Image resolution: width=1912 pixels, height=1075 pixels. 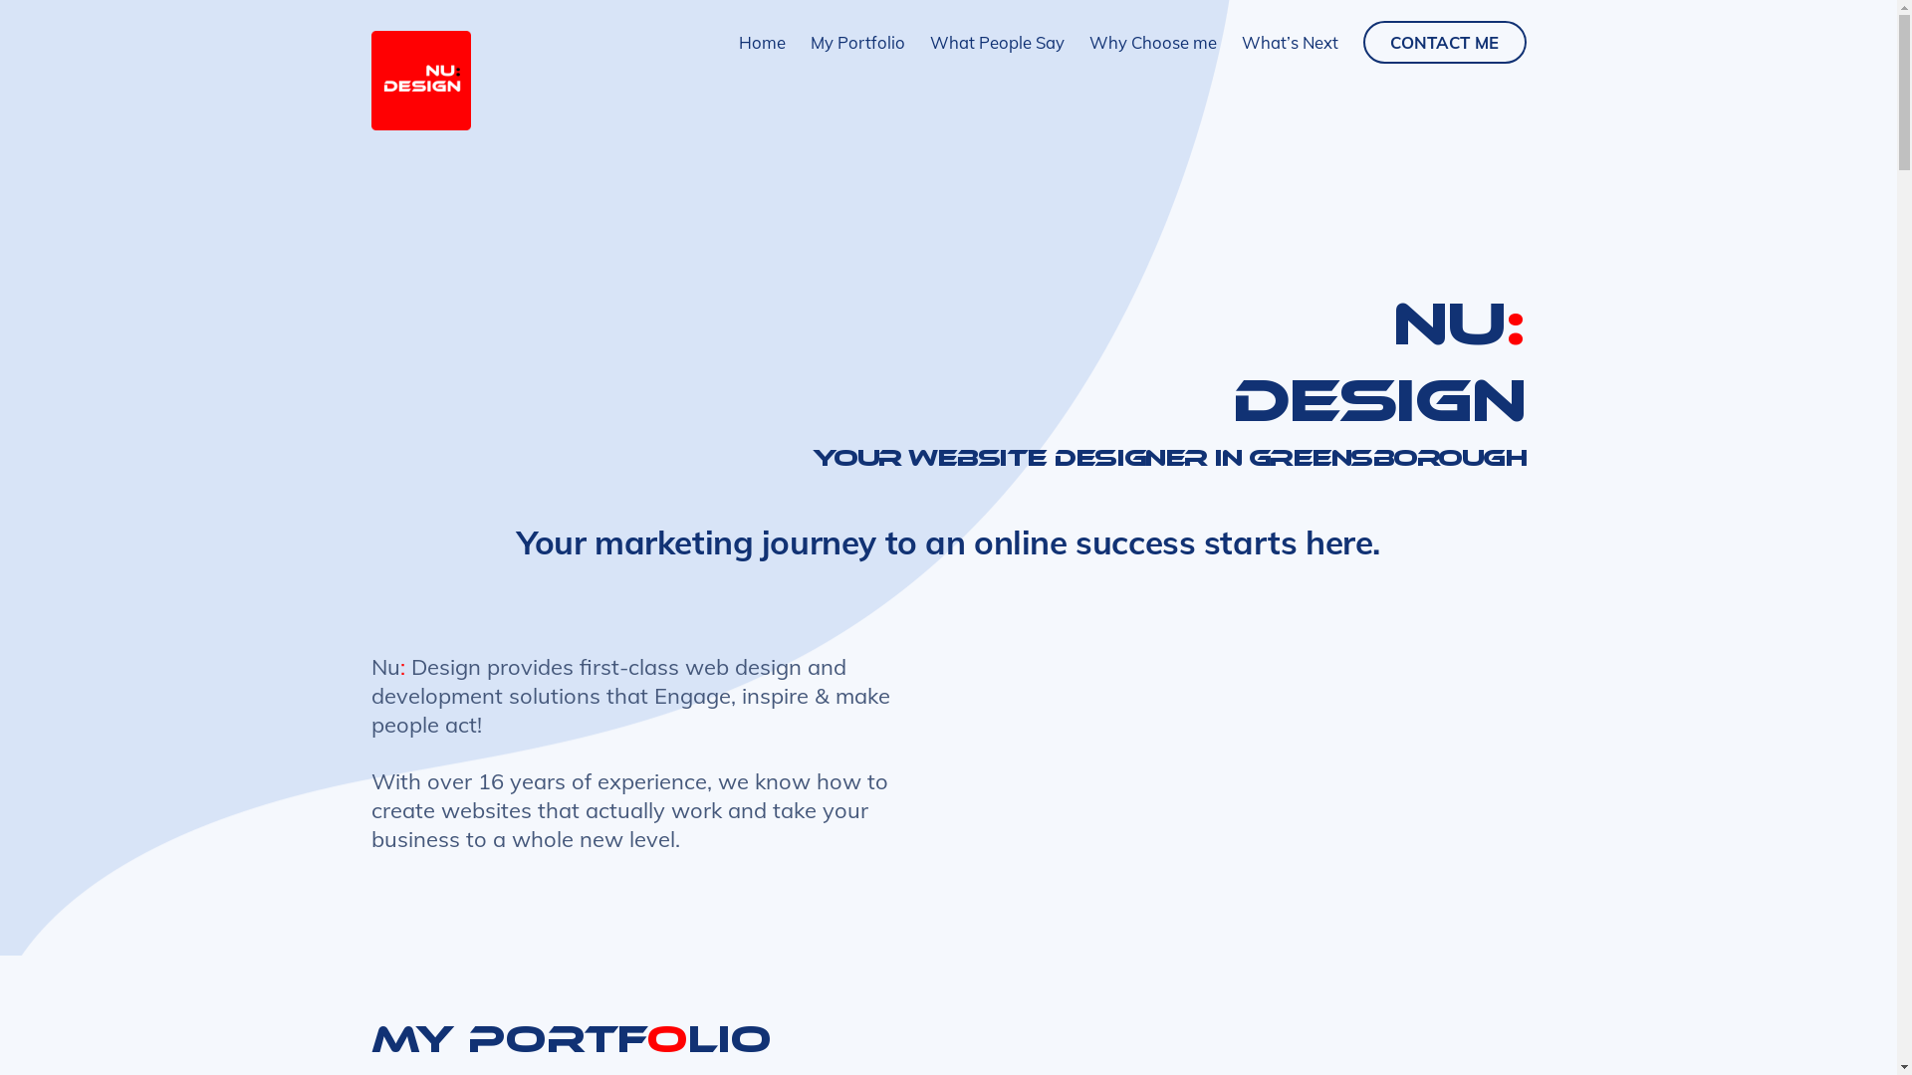 What do you see at coordinates (857, 42) in the screenshot?
I see `'My Portfolio'` at bounding box center [857, 42].